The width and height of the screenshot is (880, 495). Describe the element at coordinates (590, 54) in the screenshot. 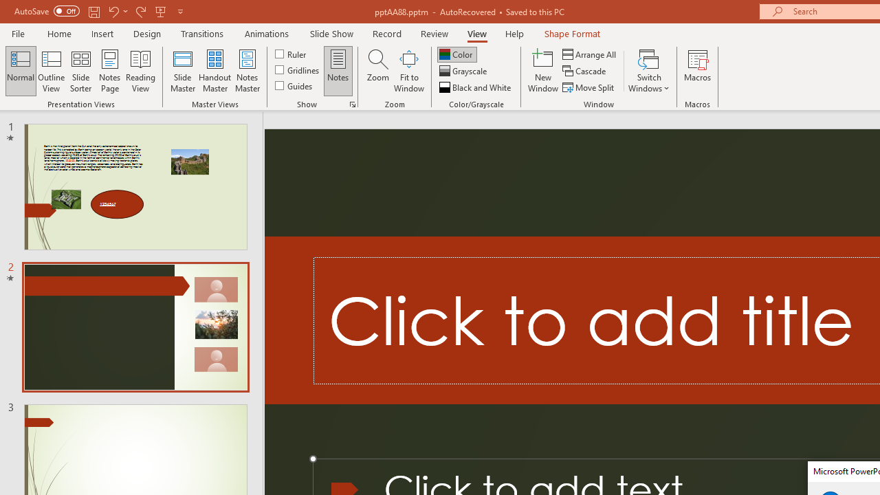

I see `'Arrange All'` at that location.